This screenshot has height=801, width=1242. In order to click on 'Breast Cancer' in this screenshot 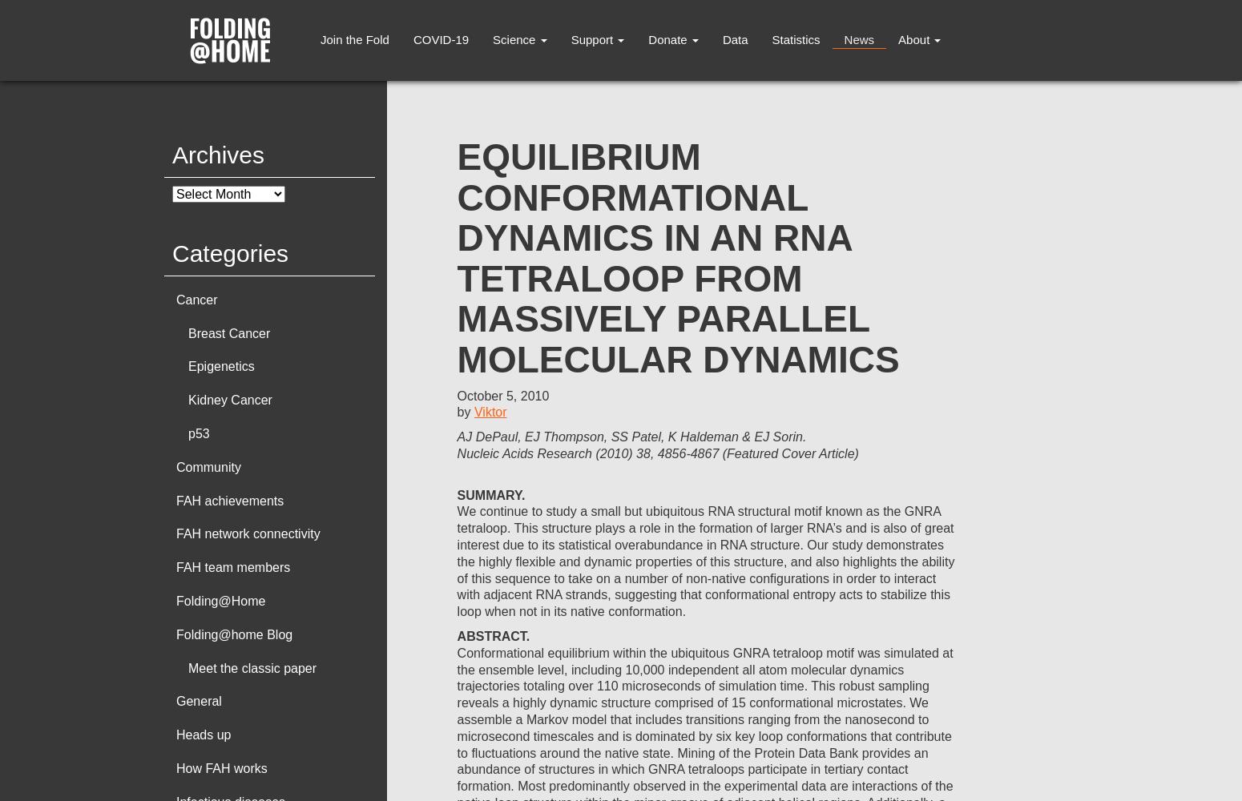, I will do `click(228, 332)`.